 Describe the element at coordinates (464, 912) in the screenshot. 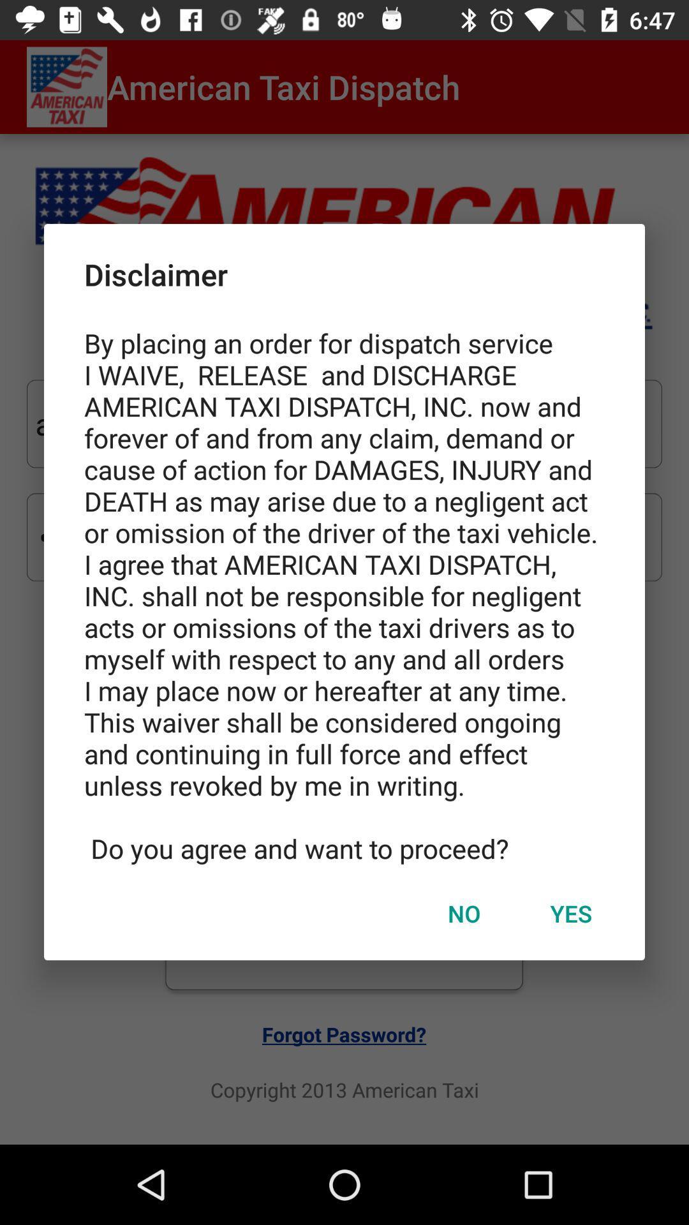

I see `the item next to the yes icon` at that location.